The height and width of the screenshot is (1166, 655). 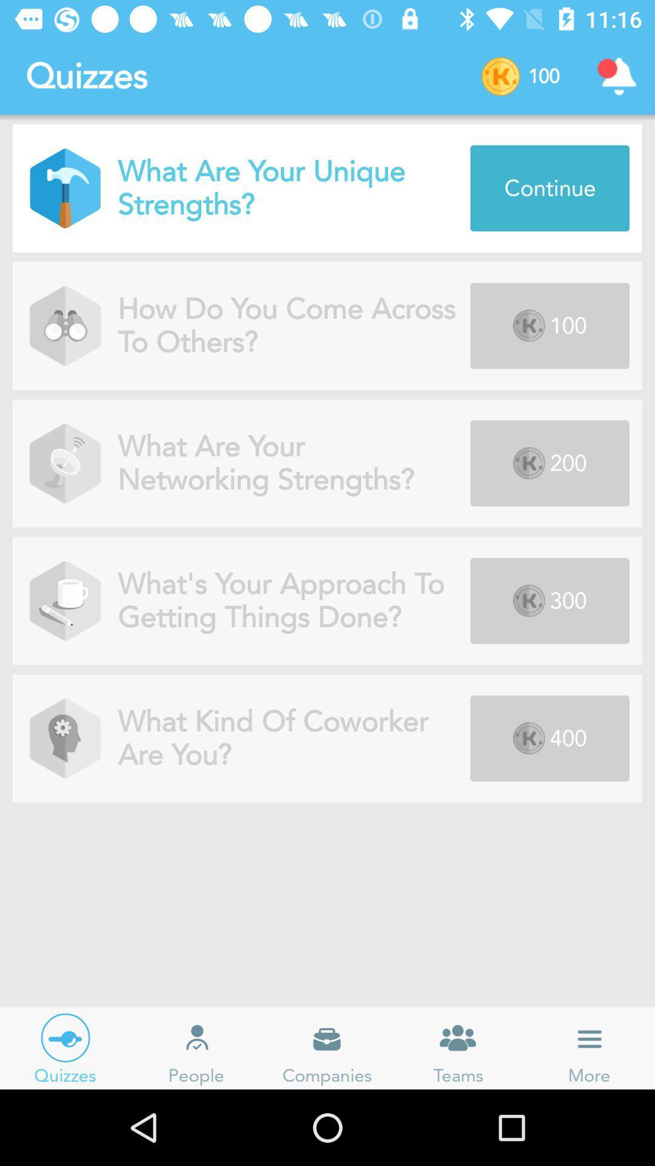 What do you see at coordinates (65, 326) in the screenshot?
I see `move to second left icon from the top` at bounding box center [65, 326].